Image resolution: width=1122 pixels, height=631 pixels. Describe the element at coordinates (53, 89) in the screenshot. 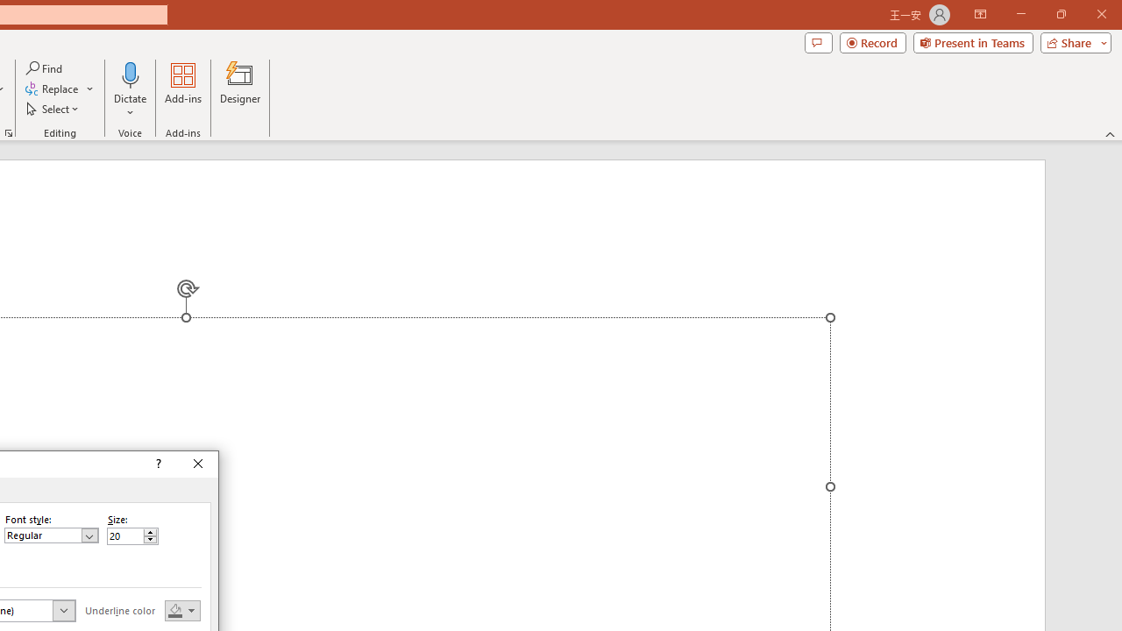

I see `'Replace...'` at that location.